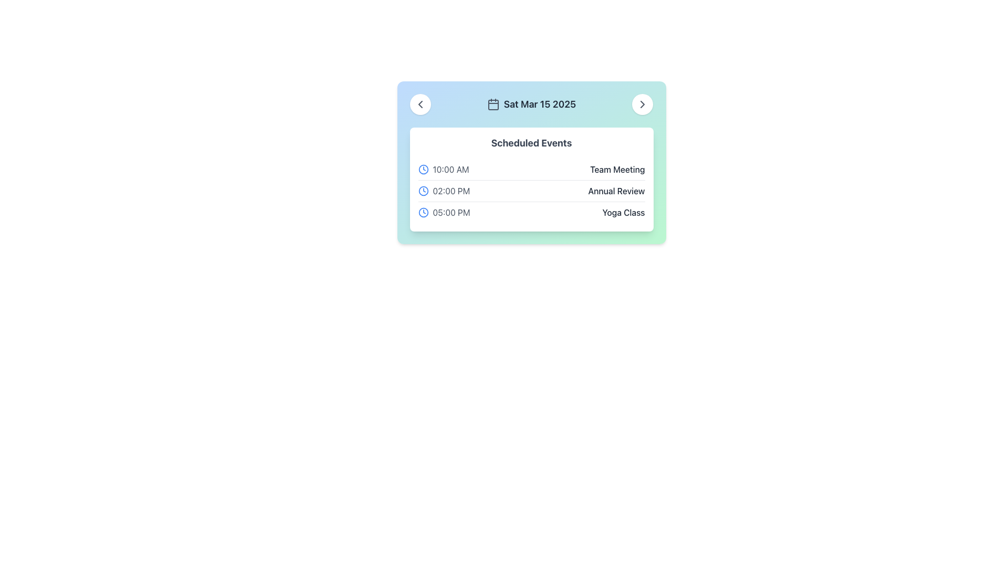 Image resolution: width=1008 pixels, height=567 pixels. I want to click on the circular navigation button with an icon located at the top-right corner of the header, so click(642, 104).